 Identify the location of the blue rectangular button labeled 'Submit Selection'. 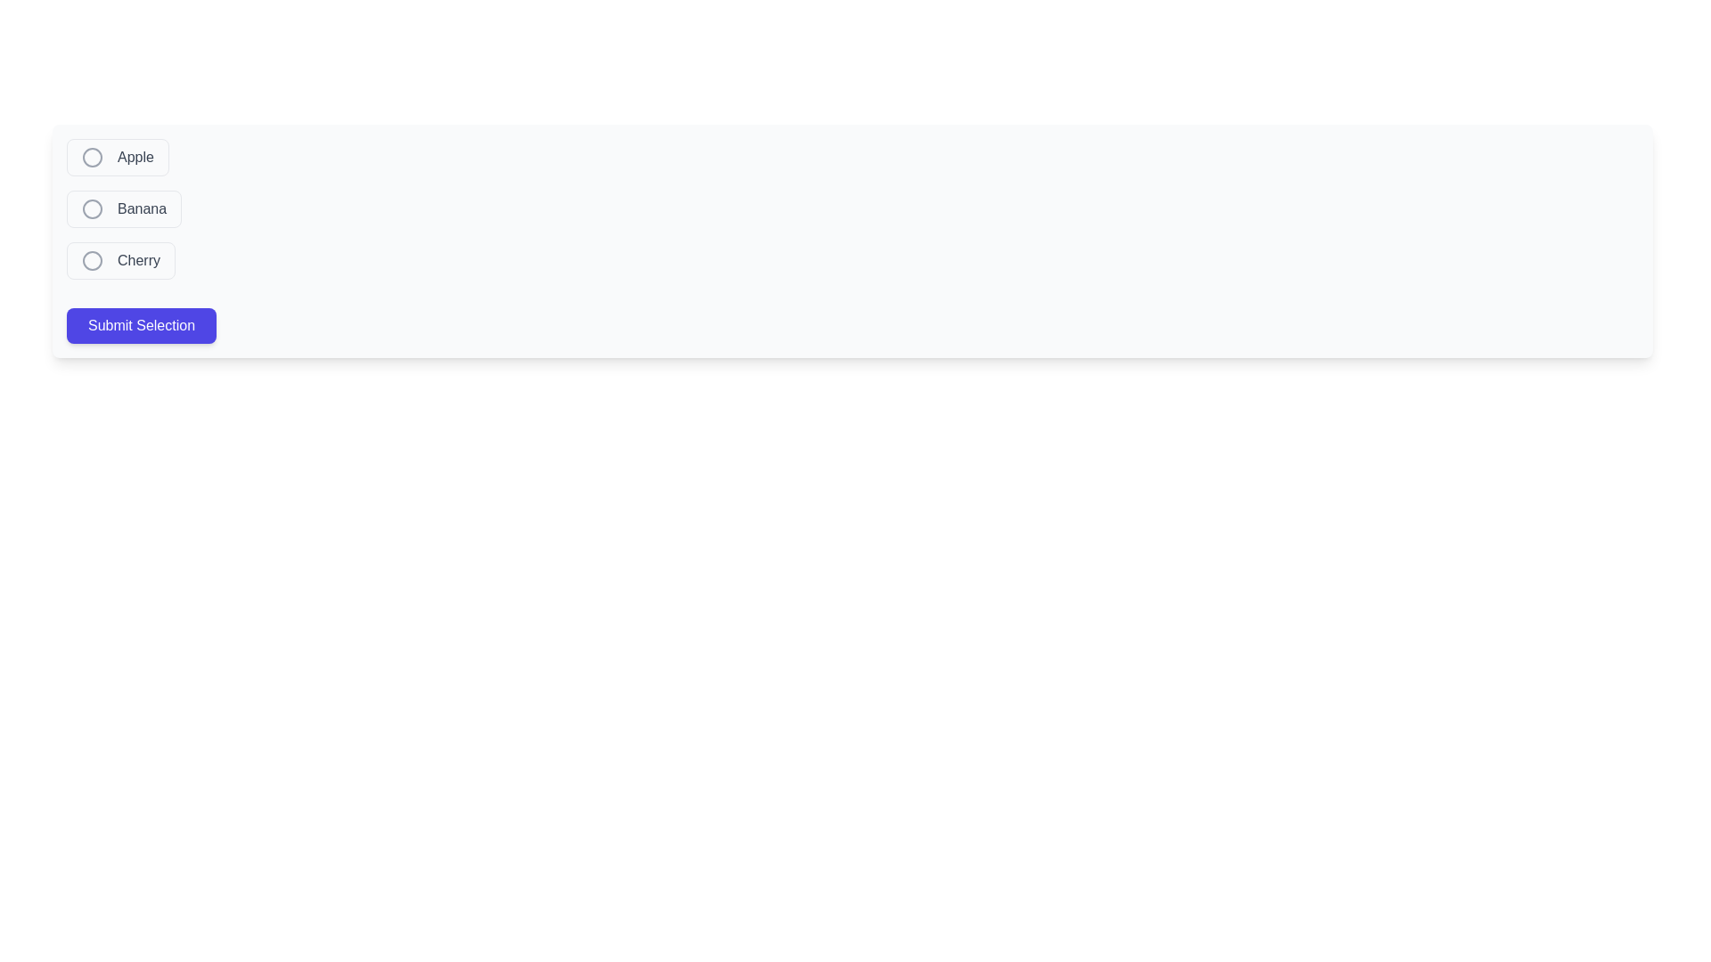
(140, 318).